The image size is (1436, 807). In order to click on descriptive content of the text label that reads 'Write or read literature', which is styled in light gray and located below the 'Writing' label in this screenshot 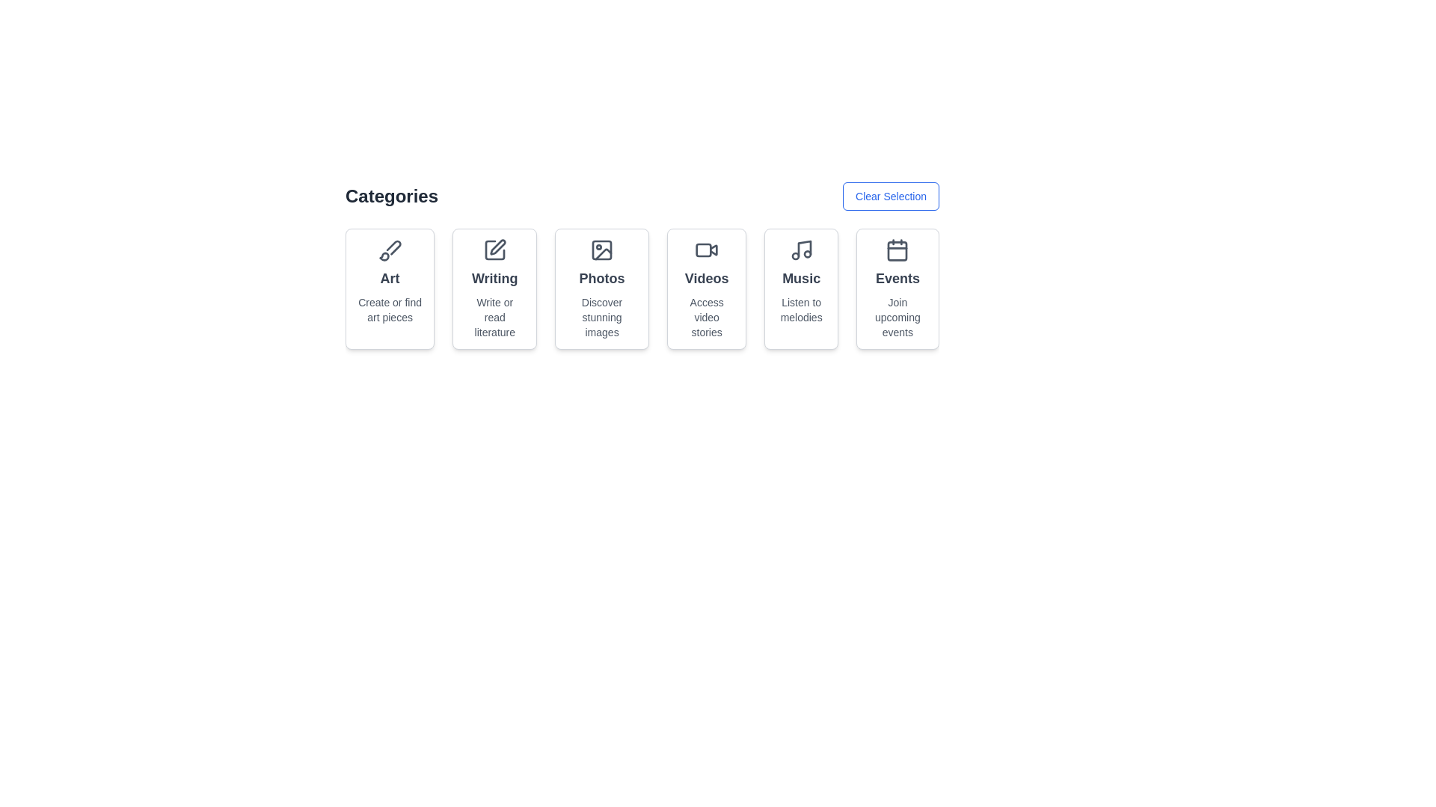, I will do `click(494, 316)`.